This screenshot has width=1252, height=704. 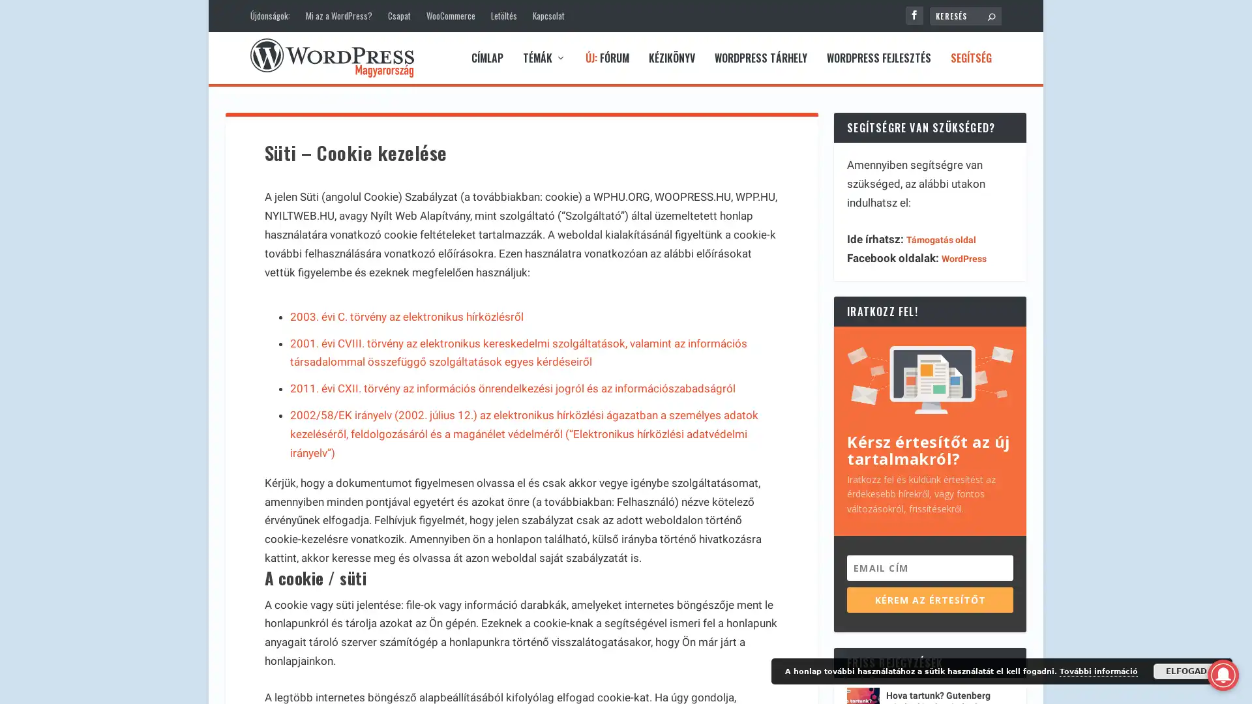 I want to click on ELFOGAD, so click(x=1186, y=671).